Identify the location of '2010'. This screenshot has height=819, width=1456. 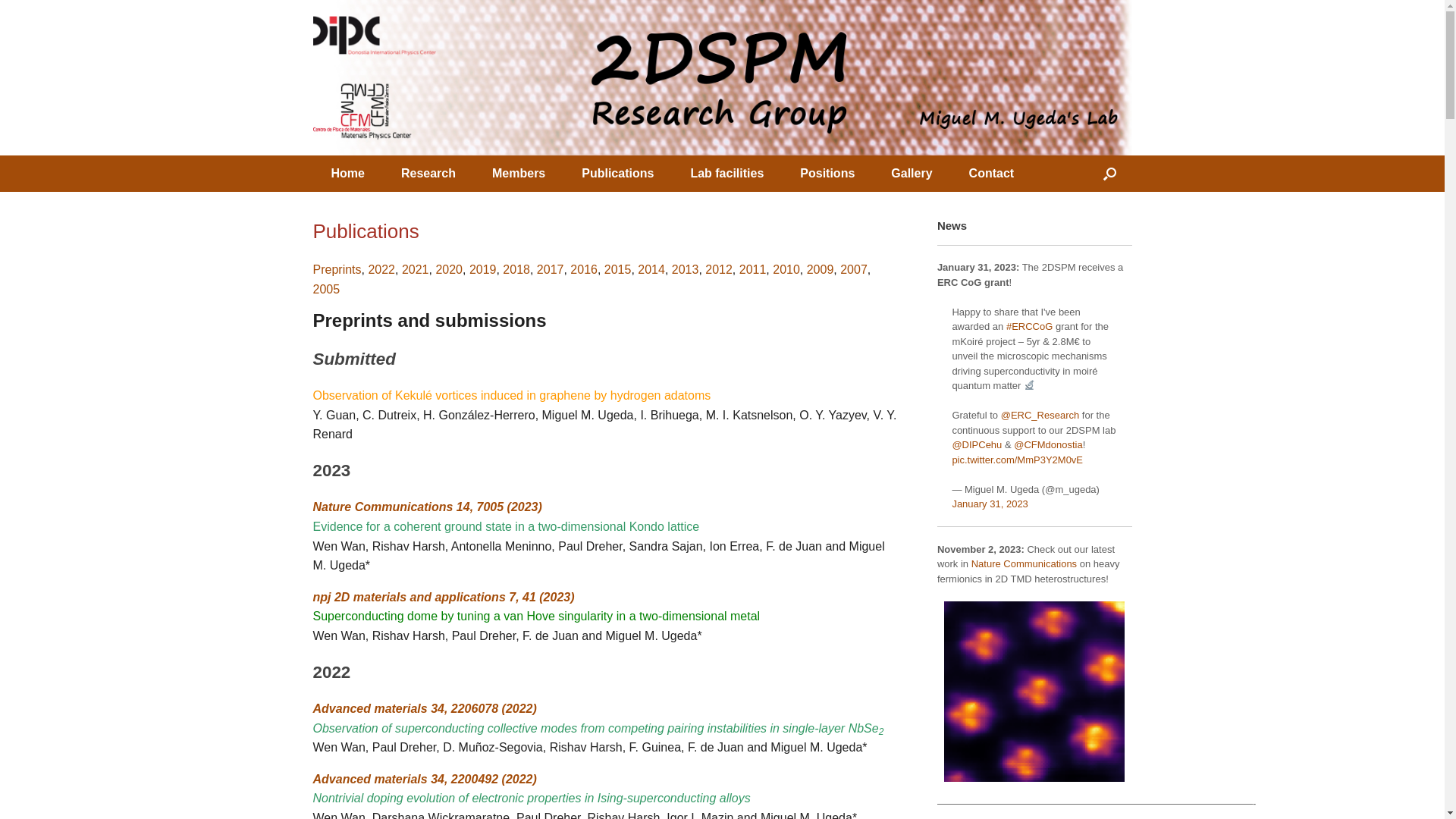
(786, 268).